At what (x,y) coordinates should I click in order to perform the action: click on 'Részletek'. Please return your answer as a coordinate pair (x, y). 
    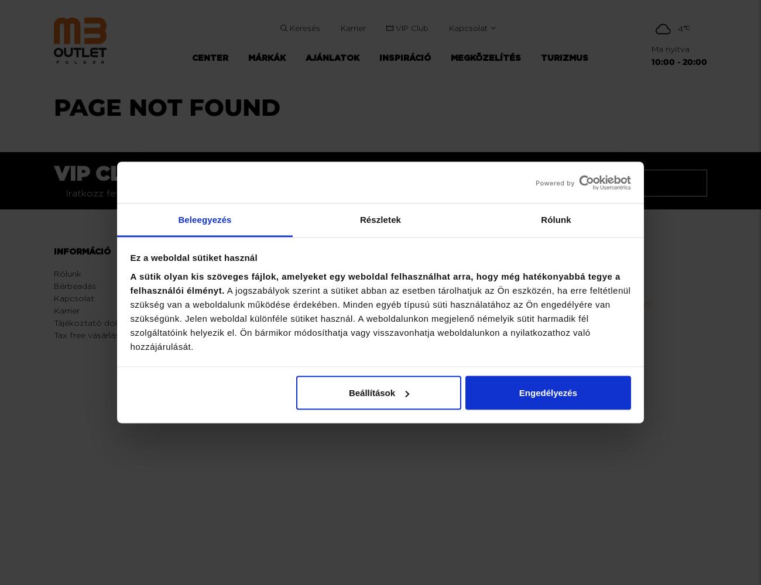
    Looking at the image, I should click on (380, 218).